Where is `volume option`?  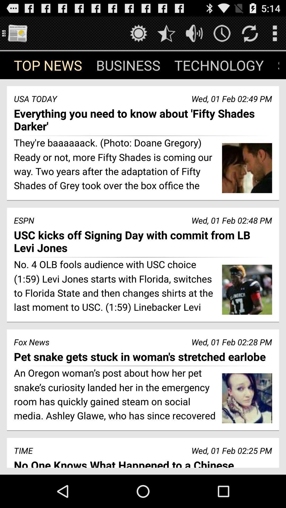 volume option is located at coordinates (194, 33).